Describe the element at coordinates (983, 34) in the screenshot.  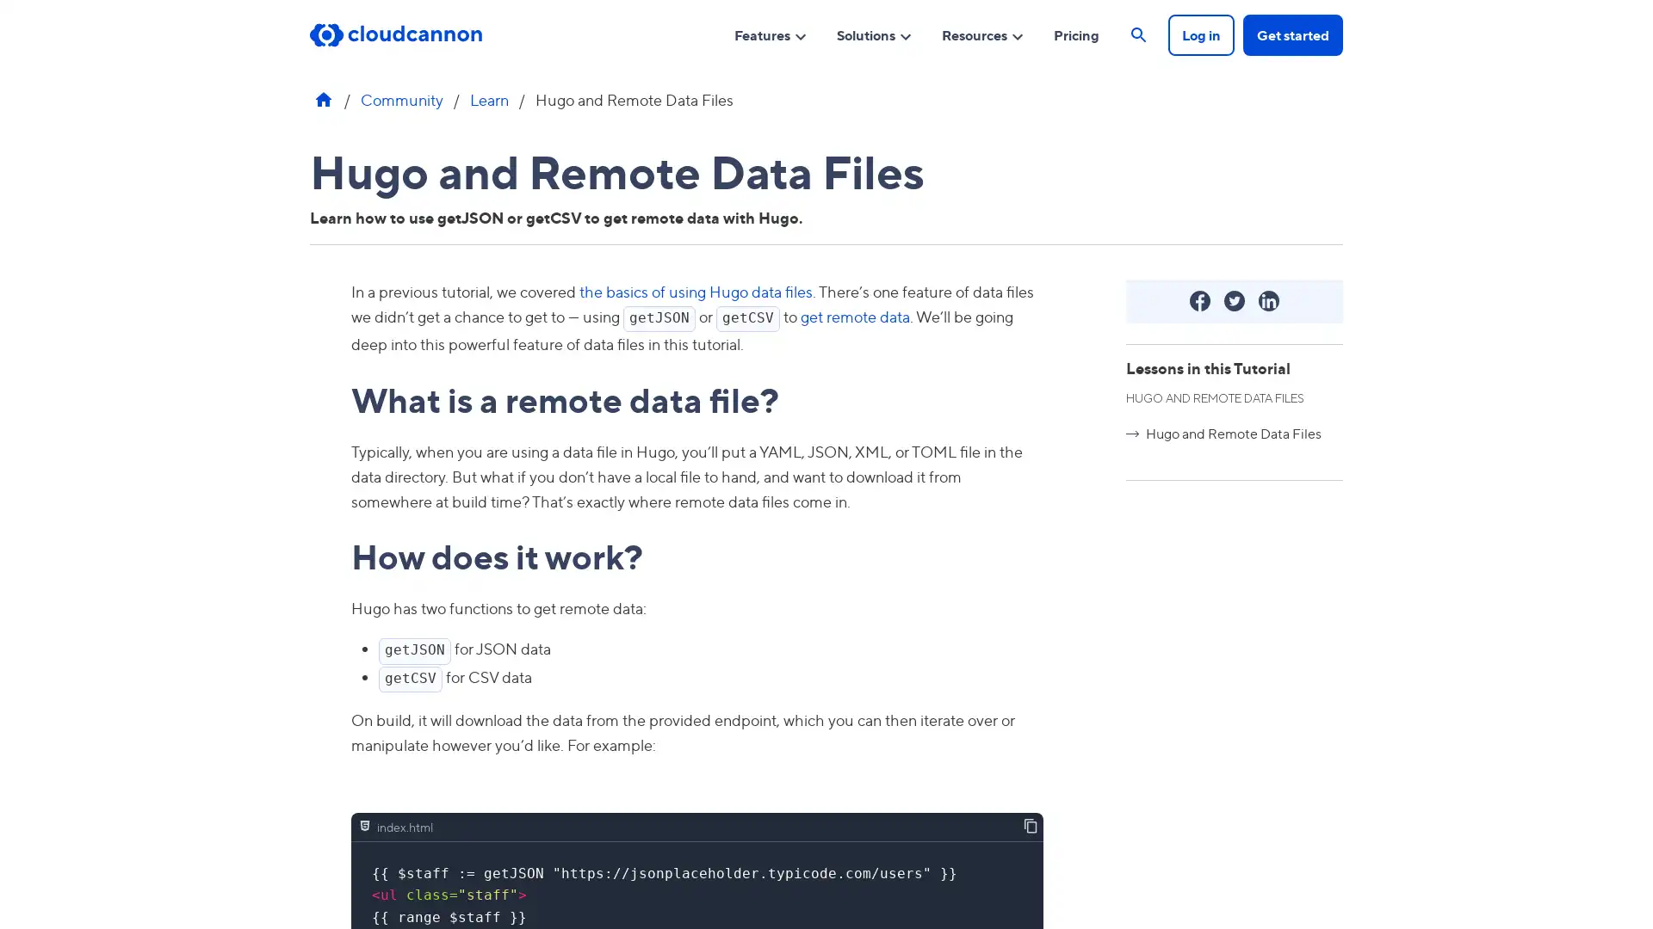
I see `Resources` at that location.